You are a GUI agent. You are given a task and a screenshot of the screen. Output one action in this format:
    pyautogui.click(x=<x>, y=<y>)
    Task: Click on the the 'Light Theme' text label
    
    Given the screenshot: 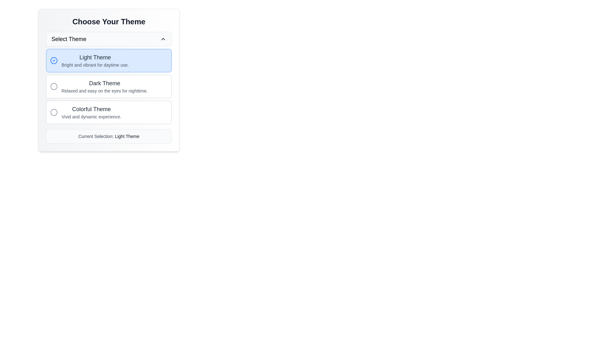 What is the action you would take?
    pyautogui.click(x=95, y=61)
    